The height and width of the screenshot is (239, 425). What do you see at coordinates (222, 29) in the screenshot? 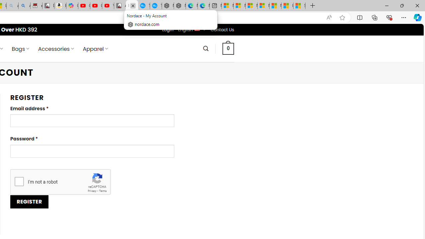
I see `'Contact Us'` at bounding box center [222, 29].